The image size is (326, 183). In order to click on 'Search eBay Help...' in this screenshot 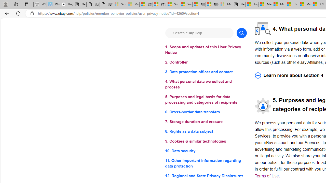, I will do `click(199, 33)`.